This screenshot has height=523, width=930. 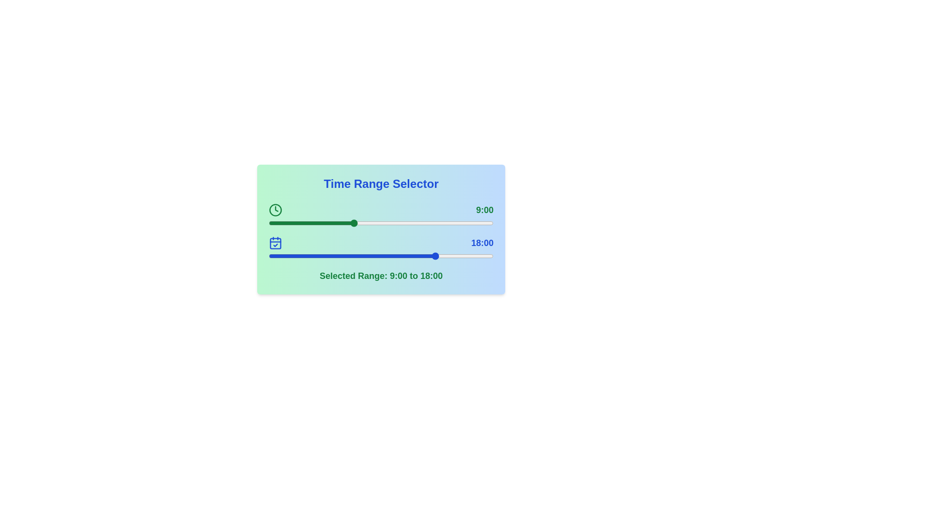 I want to click on the time, so click(x=287, y=255).